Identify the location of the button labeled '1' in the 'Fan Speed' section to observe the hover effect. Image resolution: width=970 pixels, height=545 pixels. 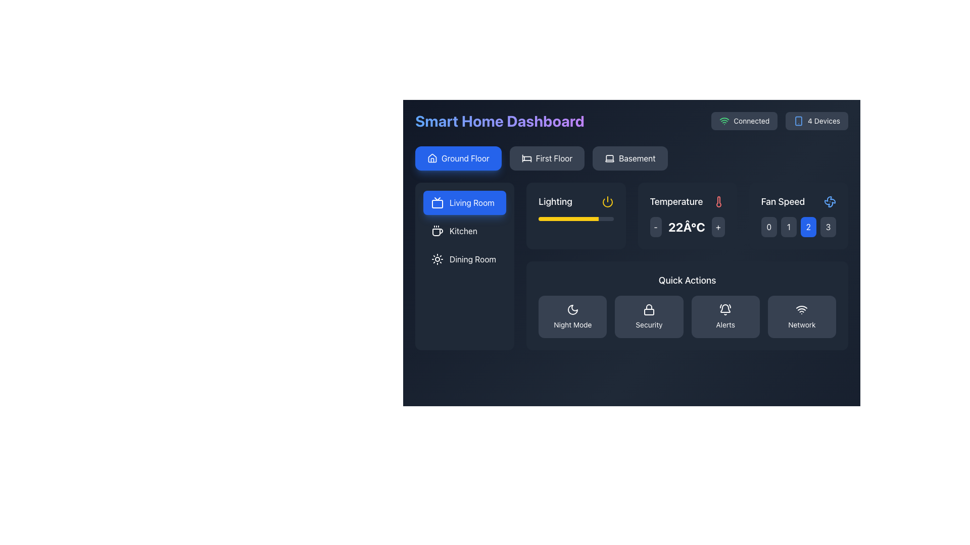
(788, 227).